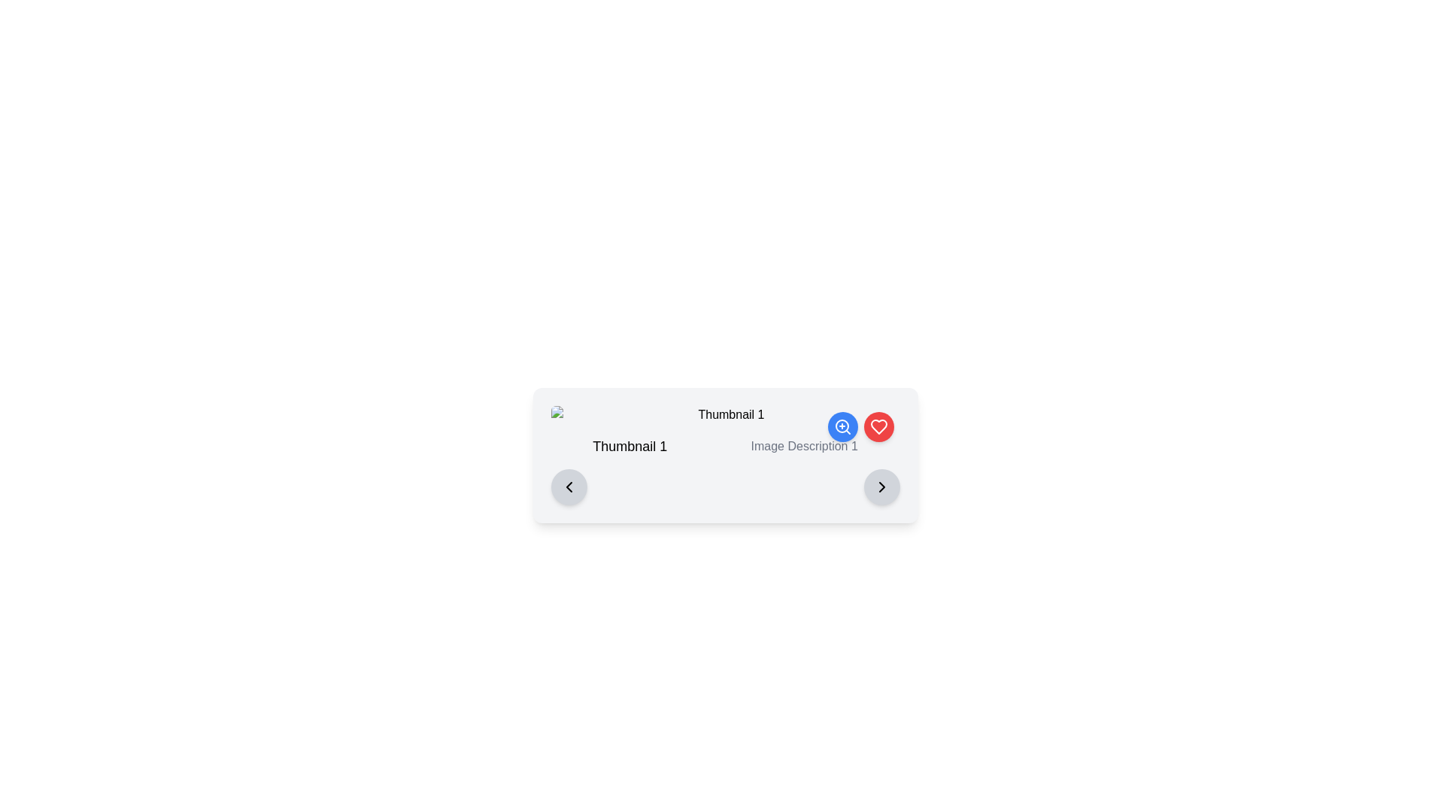 This screenshot has width=1444, height=812. What do you see at coordinates (881, 487) in the screenshot?
I see `the chevron icon inside the circular button located at the bottom-right edge of the card` at bounding box center [881, 487].